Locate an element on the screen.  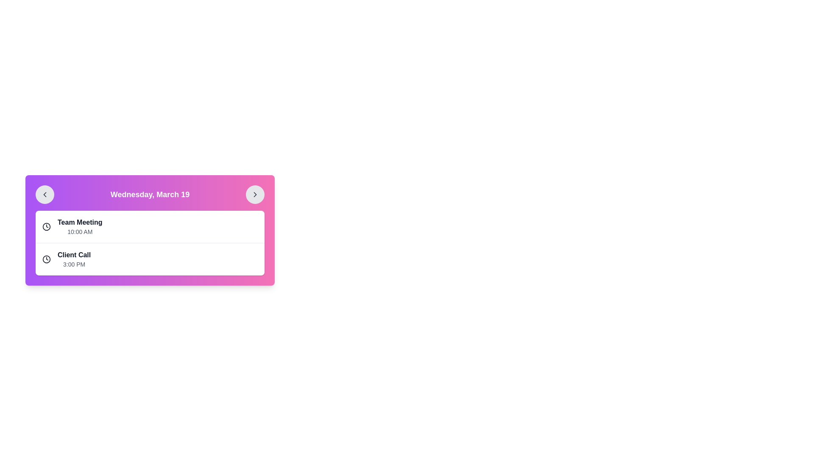
the label that displays the time associated with the 'Client Call' event, located in the second row of the schedule interface, below the 'Client Call' title and aligned to the bottom-right corner is located at coordinates (74, 264).